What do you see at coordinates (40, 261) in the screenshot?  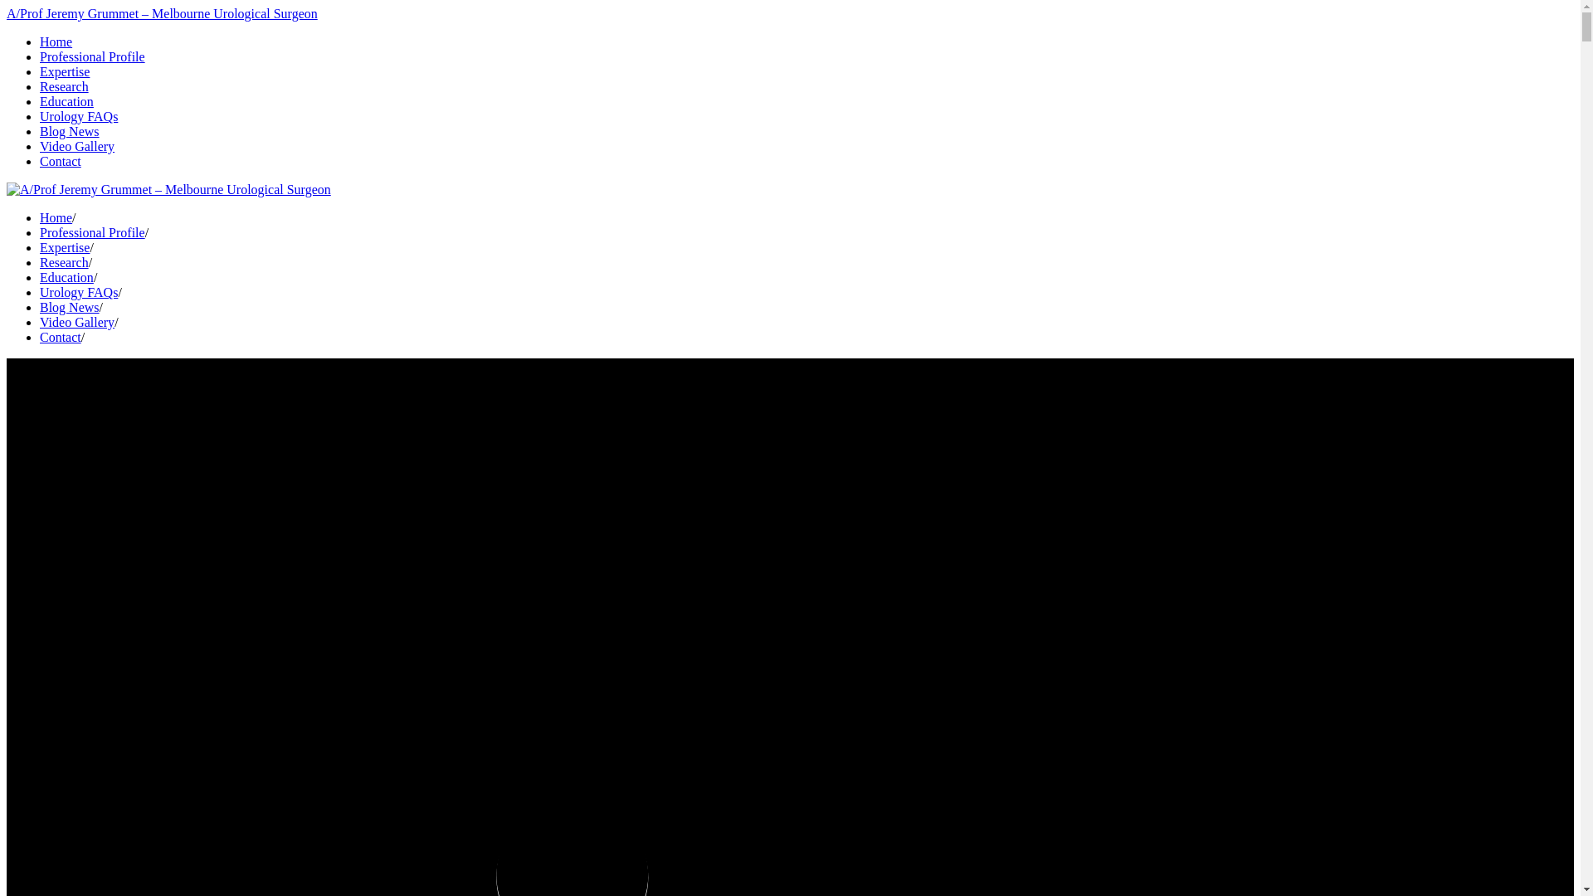 I see `'Research'` at bounding box center [40, 261].